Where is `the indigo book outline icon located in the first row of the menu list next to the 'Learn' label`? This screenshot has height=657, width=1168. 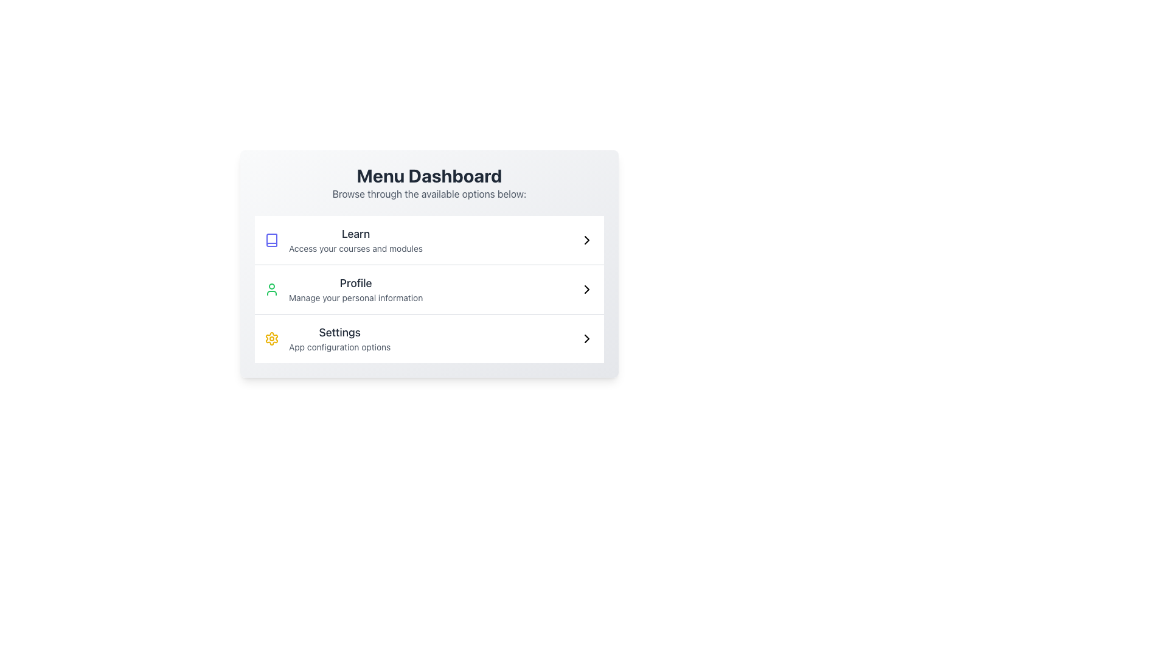 the indigo book outline icon located in the first row of the menu list next to the 'Learn' label is located at coordinates (271, 240).